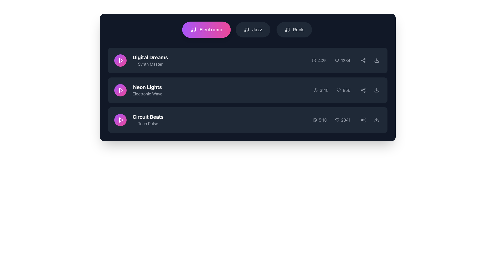 The width and height of the screenshot is (493, 277). Describe the element at coordinates (120, 90) in the screenshot. I see `the circular button with a gradient background and a white play icon in the center to play the associated track` at that location.